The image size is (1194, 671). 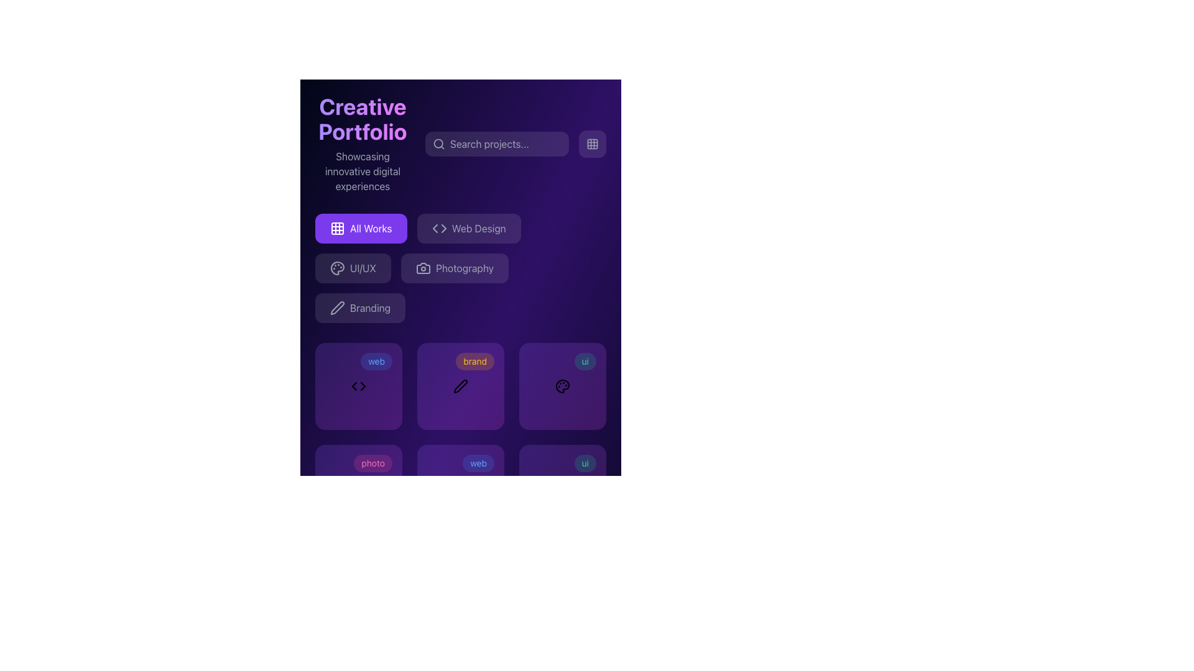 What do you see at coordinates (423, 268) in the screenshot?
I see `the camera icon, which is a small, minimalistic depiction of a camera located near the center-right of the interface, adjacent to the 'Photography' button` at bounding box center [423, 268].